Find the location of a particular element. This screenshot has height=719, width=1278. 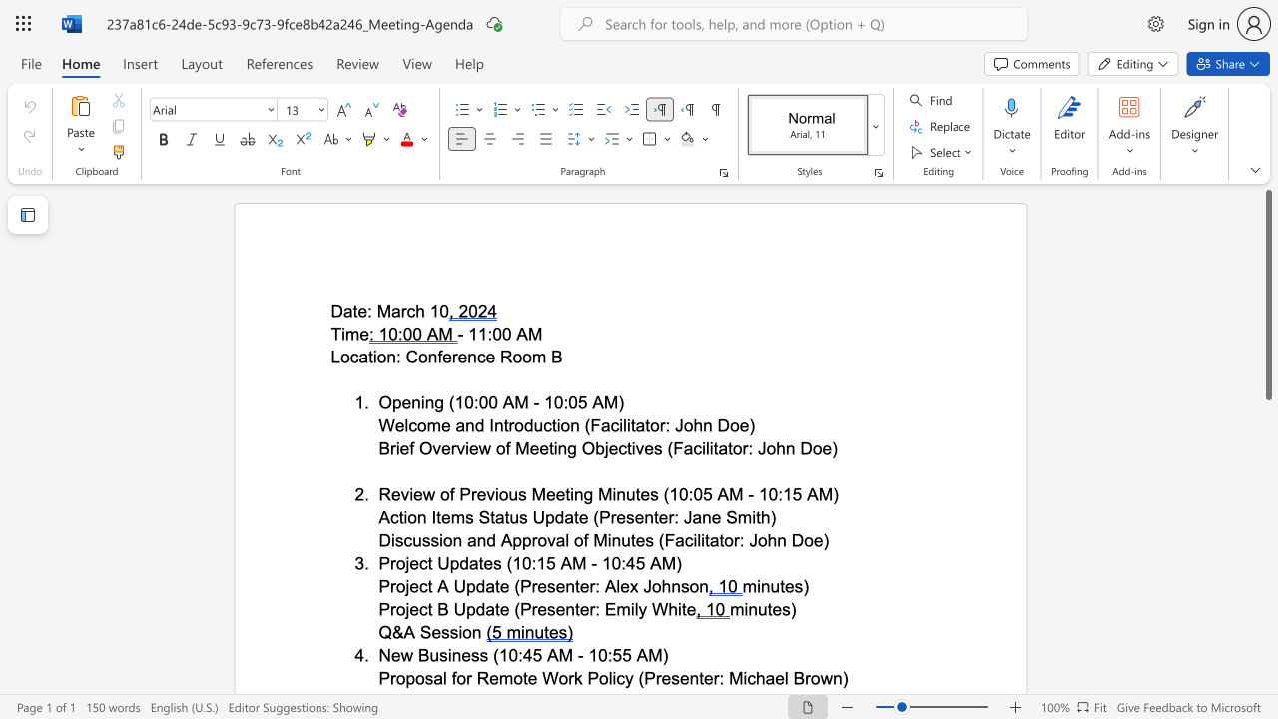

the 1th character "n" in the text is located at coordinates (569, 585).